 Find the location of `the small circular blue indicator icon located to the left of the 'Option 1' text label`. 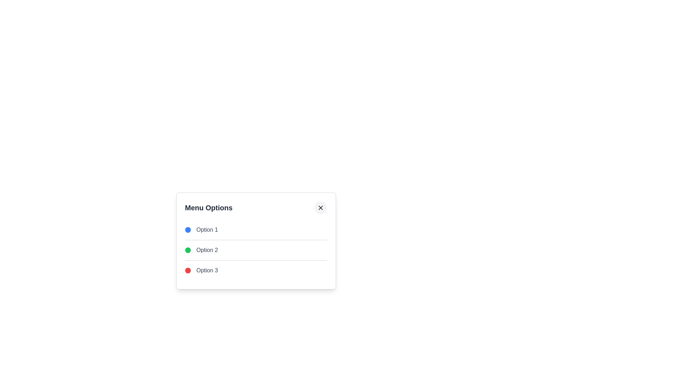

the small circular blue indicator icon located to the left of the 'Option 1' text label is located at coordinates (188, 230).